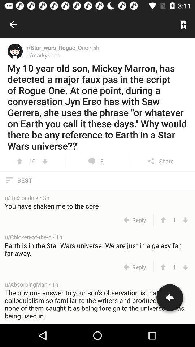  Describe the element at coordinates (45, 161) in the screenshot. I see `see more` at that location.